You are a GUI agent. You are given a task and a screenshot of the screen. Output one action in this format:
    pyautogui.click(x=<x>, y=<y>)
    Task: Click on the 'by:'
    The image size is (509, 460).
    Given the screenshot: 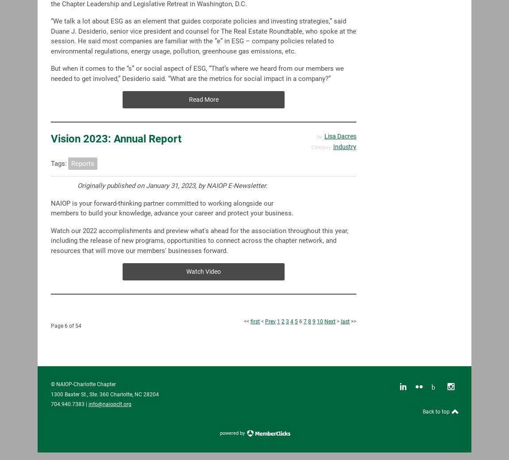 What is the action you would take?
    pyautogui.click(x=316, y=136)
    